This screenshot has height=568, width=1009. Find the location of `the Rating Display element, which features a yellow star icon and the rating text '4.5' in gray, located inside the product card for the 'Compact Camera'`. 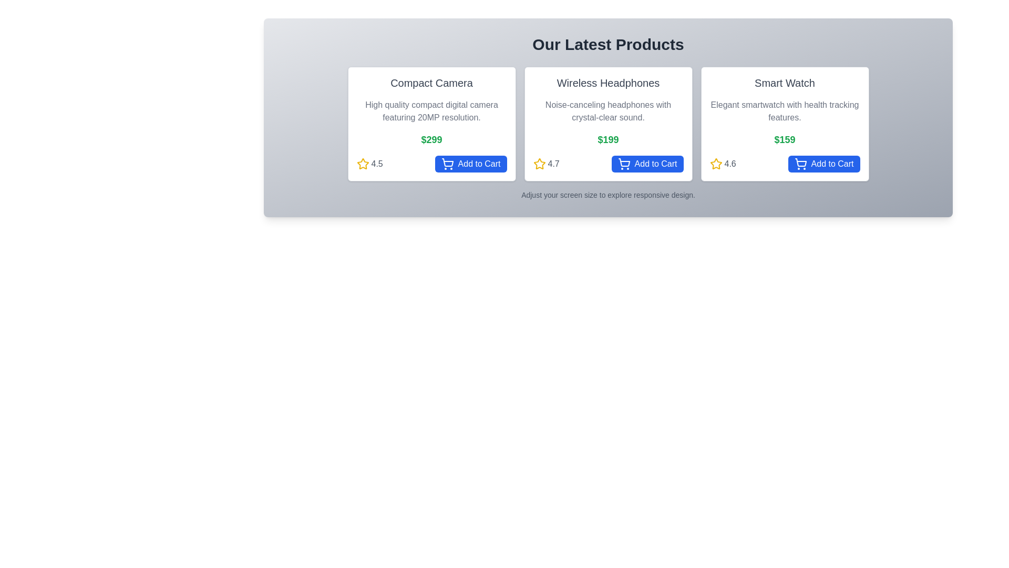

the Rating Display element, which features a yellow star icon and the rating text '4.5' in gray, located inside the product card for the 'Compact Camera' is located at coordinates (369, 164).